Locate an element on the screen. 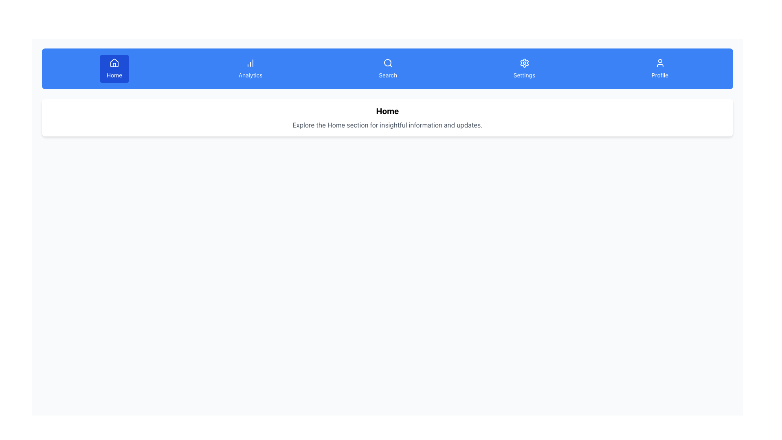 The image size is (782, 440). the user profile icon located in the top-right corner of the navigation bar, which precedes the text label 'Profile' is located at coordinates (660, 62).